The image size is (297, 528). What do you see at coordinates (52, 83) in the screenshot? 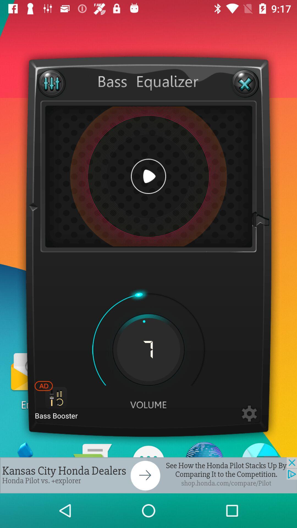
I see `the sliders icon` at bounding box center [52, 83].